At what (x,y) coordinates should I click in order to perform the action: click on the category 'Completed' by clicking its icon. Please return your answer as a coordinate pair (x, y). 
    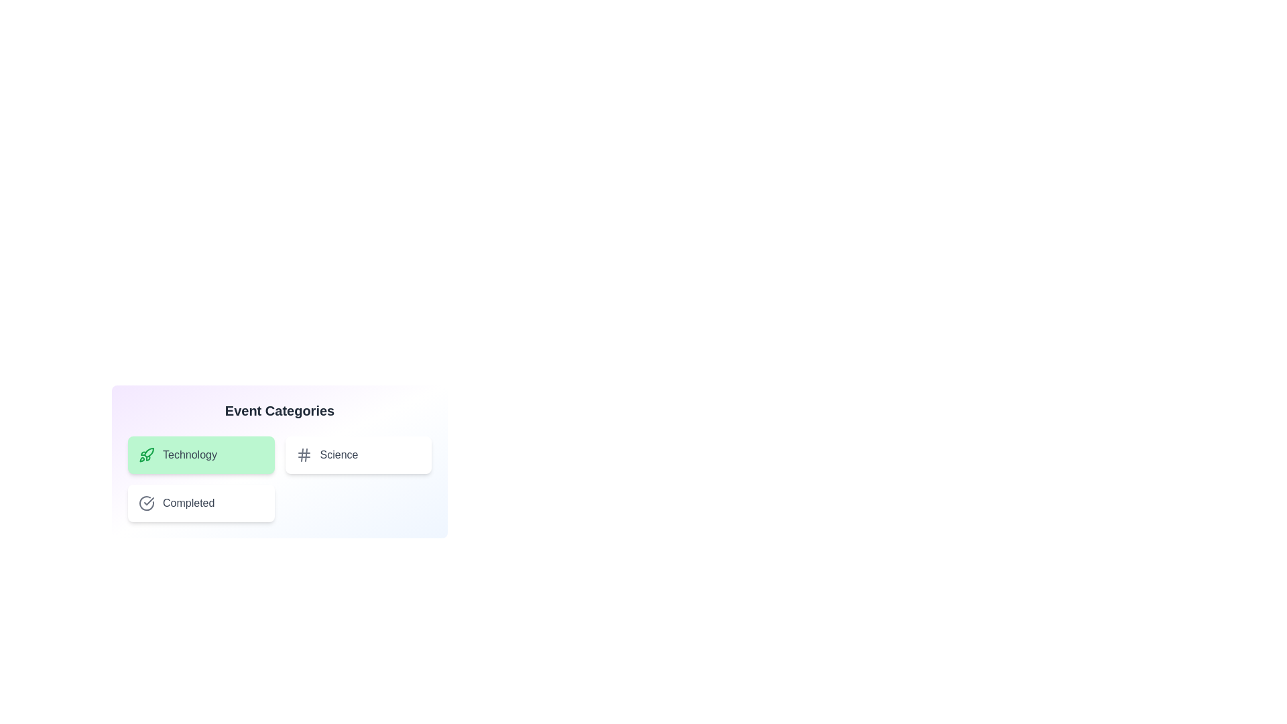
    Looking at the image, I should click on (147, 503).